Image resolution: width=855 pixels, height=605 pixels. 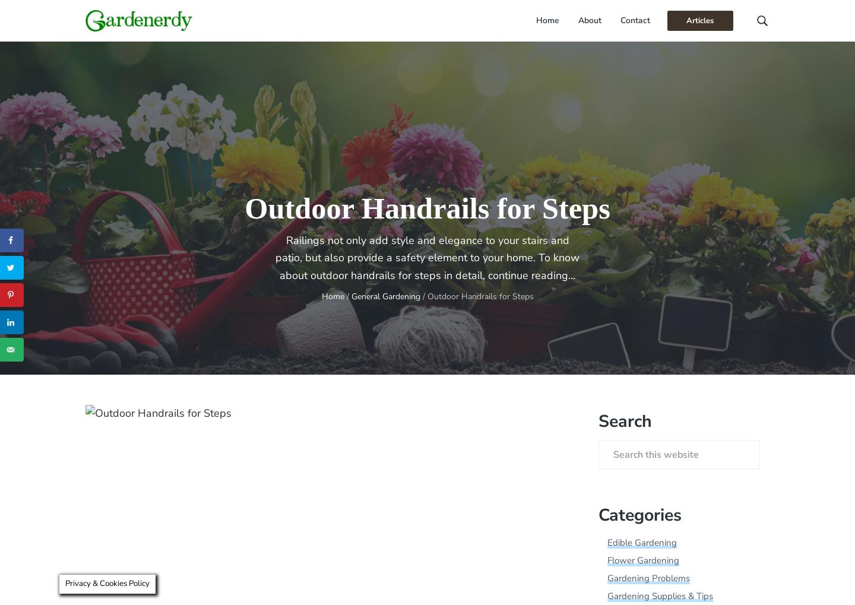 What do you see at coordinates (659, 596) in the screenshot?
I see `'Gardening Supplies & Tips'` at bounding box center [659, 596].